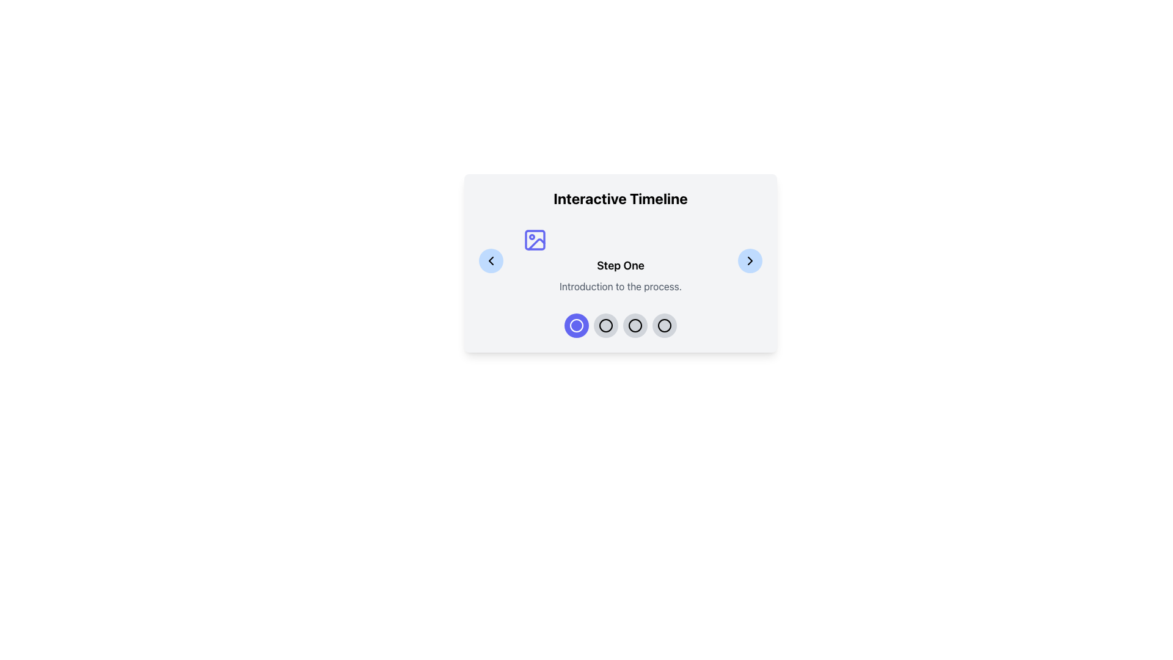  I want to click on the last circular selectable indicator button located at the bottom center of the interface, which is part of a sequence of four buttons, so click(664, 324).